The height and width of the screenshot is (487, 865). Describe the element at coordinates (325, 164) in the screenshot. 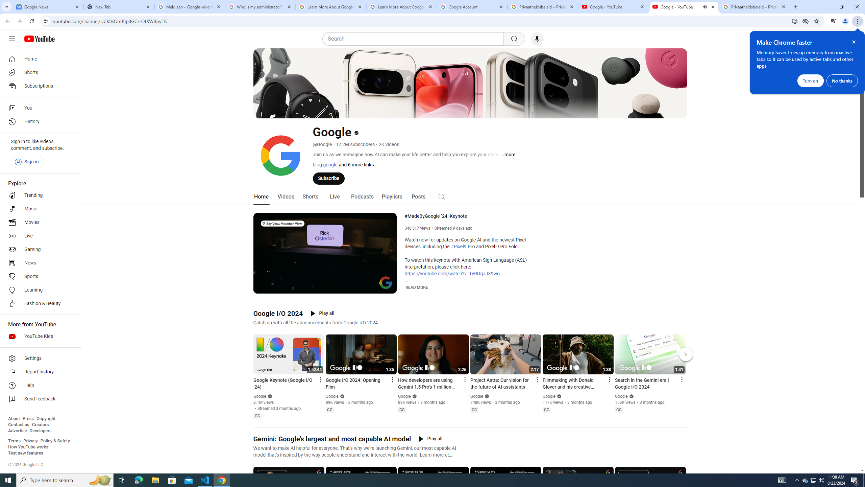

I see `'blog.google'` at that location.